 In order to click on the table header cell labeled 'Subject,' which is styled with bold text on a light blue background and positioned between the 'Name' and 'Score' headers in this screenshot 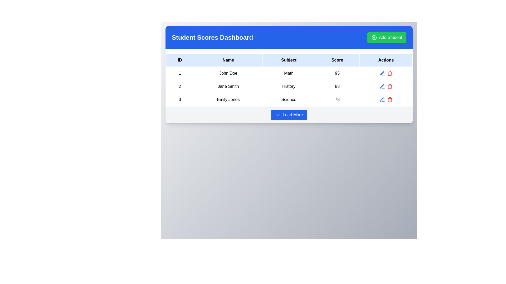, I will do `click(288, 60)`.